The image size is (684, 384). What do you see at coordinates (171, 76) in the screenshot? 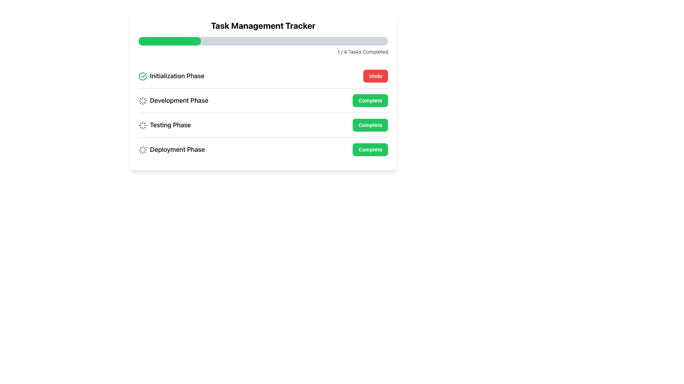
I see `text label displaying 'Initialization Phase', which is styled with a larger font size and medium weight, located to the right of a circular green check icon` at bounding box center [171, 76].